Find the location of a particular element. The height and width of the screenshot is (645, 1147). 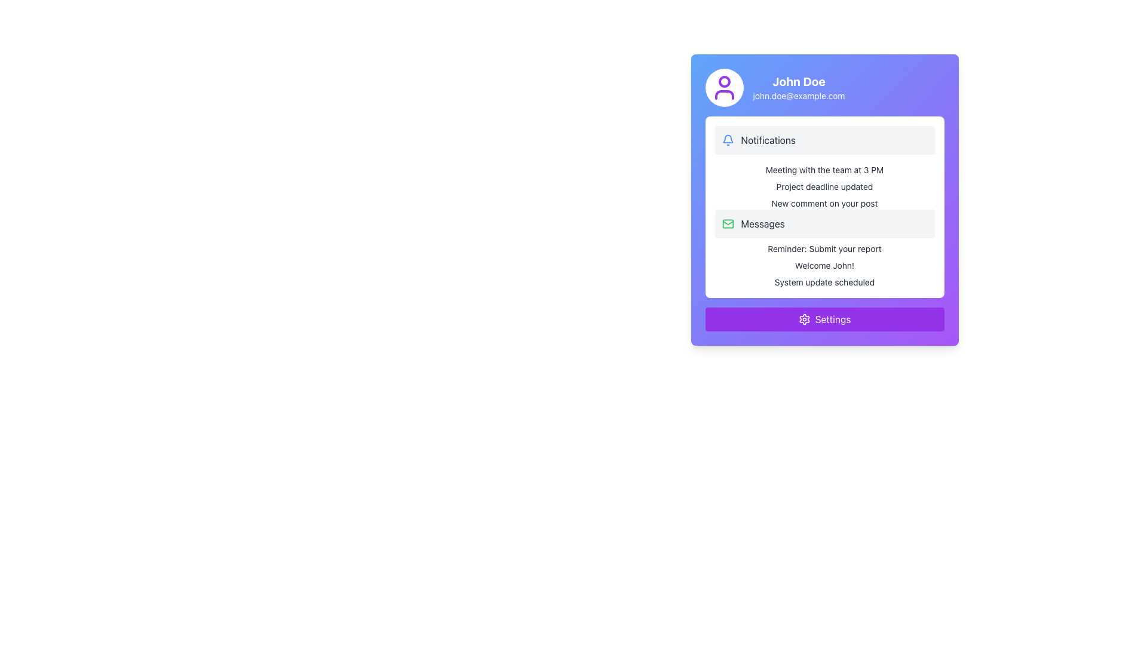

the text element displaying the email address 'john.doe@example.com', which is styled in a smaller font and positioned directly below the name 'John Doe' within a card-like interface is located at coordinates (799, 96).